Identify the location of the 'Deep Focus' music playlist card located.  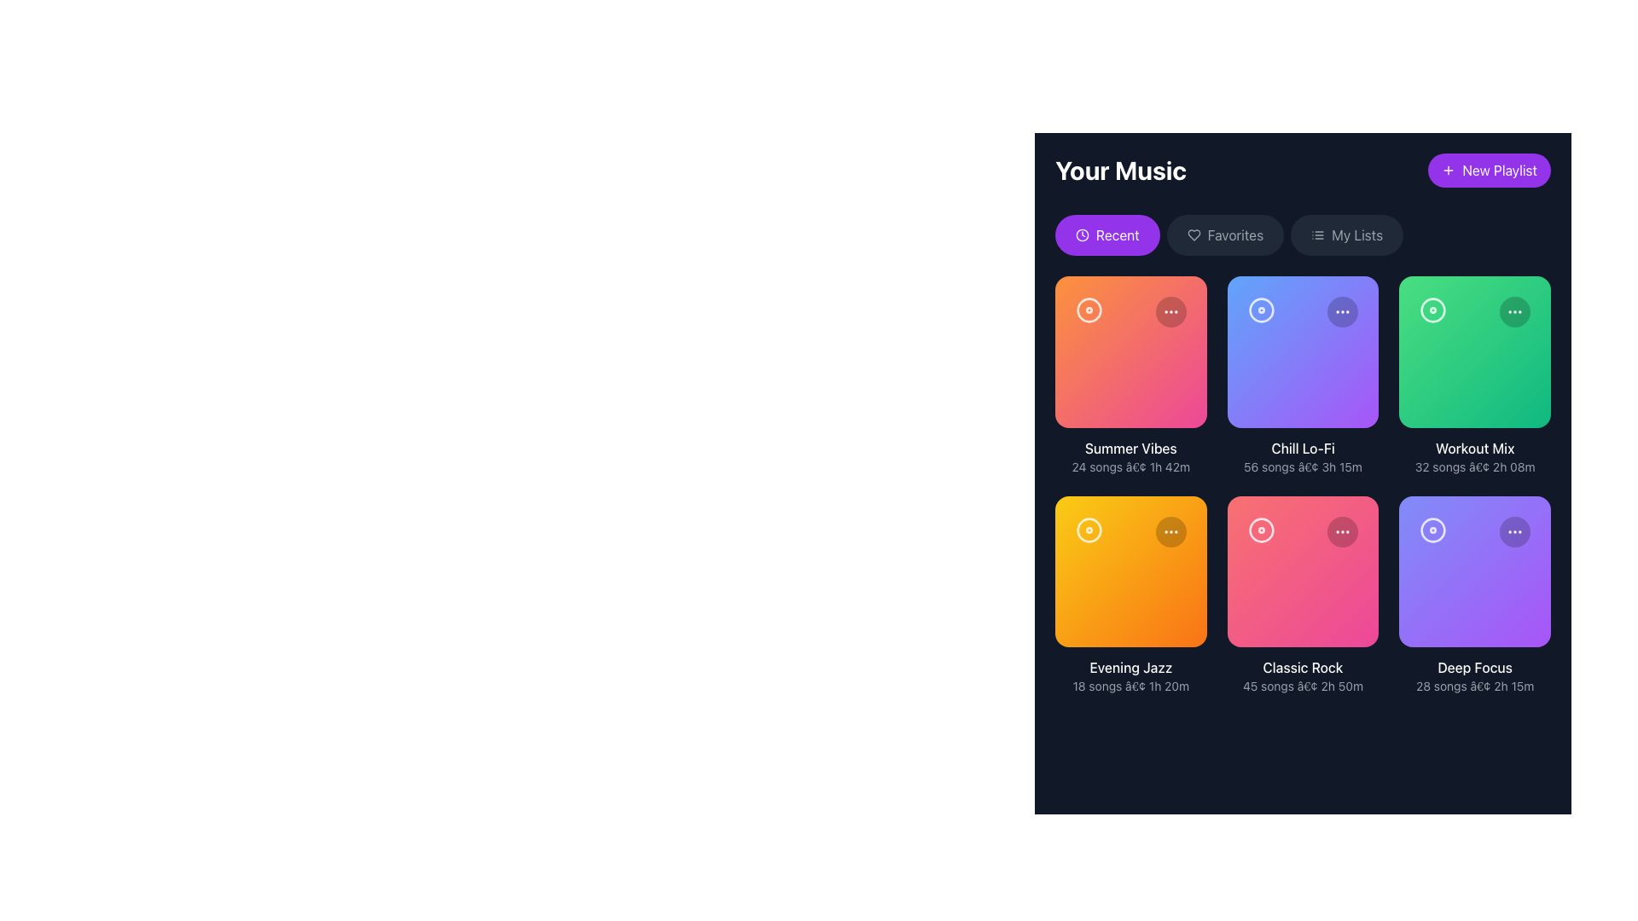
(1474, 571).